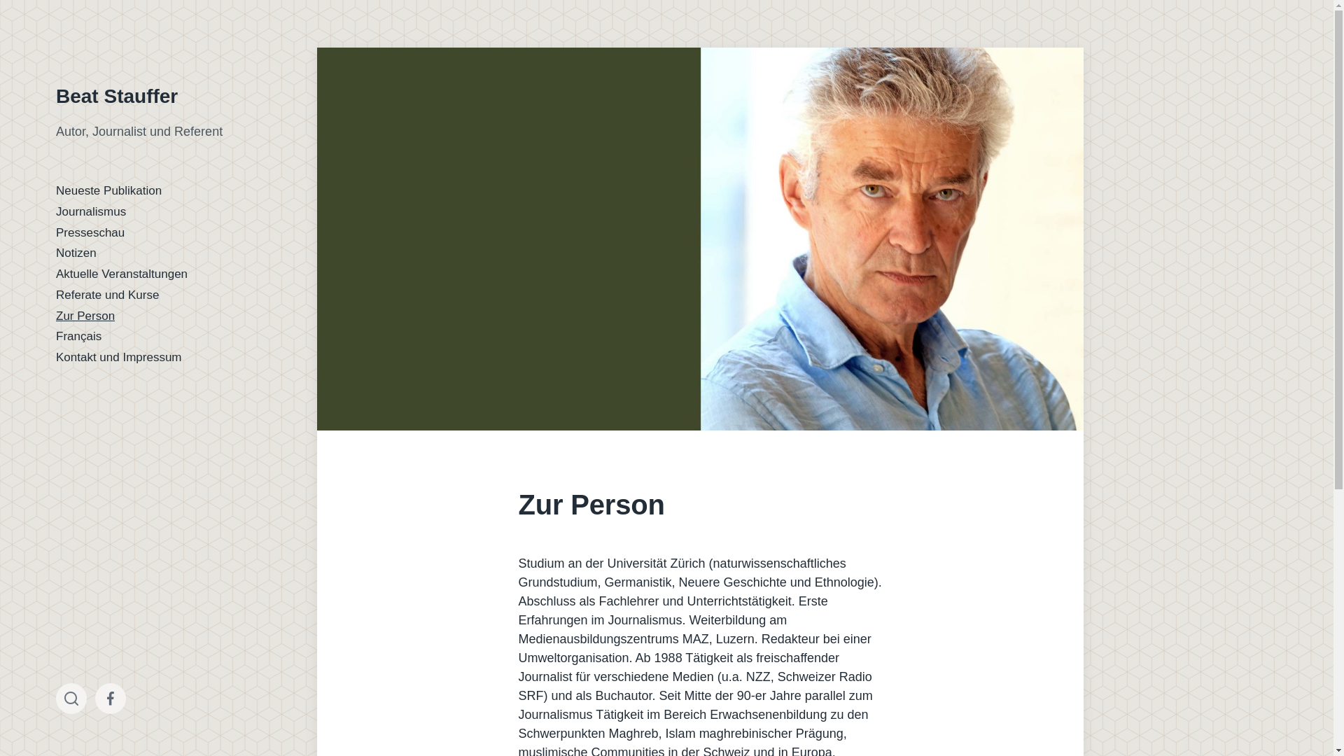  Describe the element at coordinates (90, 231) in the screenshot. I see `'Presseschau'` at that location.